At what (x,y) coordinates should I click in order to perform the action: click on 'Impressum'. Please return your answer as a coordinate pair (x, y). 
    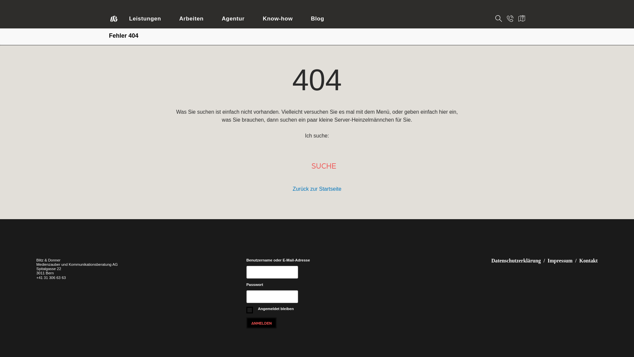
    Looking at the image, I should click on (559, 260).